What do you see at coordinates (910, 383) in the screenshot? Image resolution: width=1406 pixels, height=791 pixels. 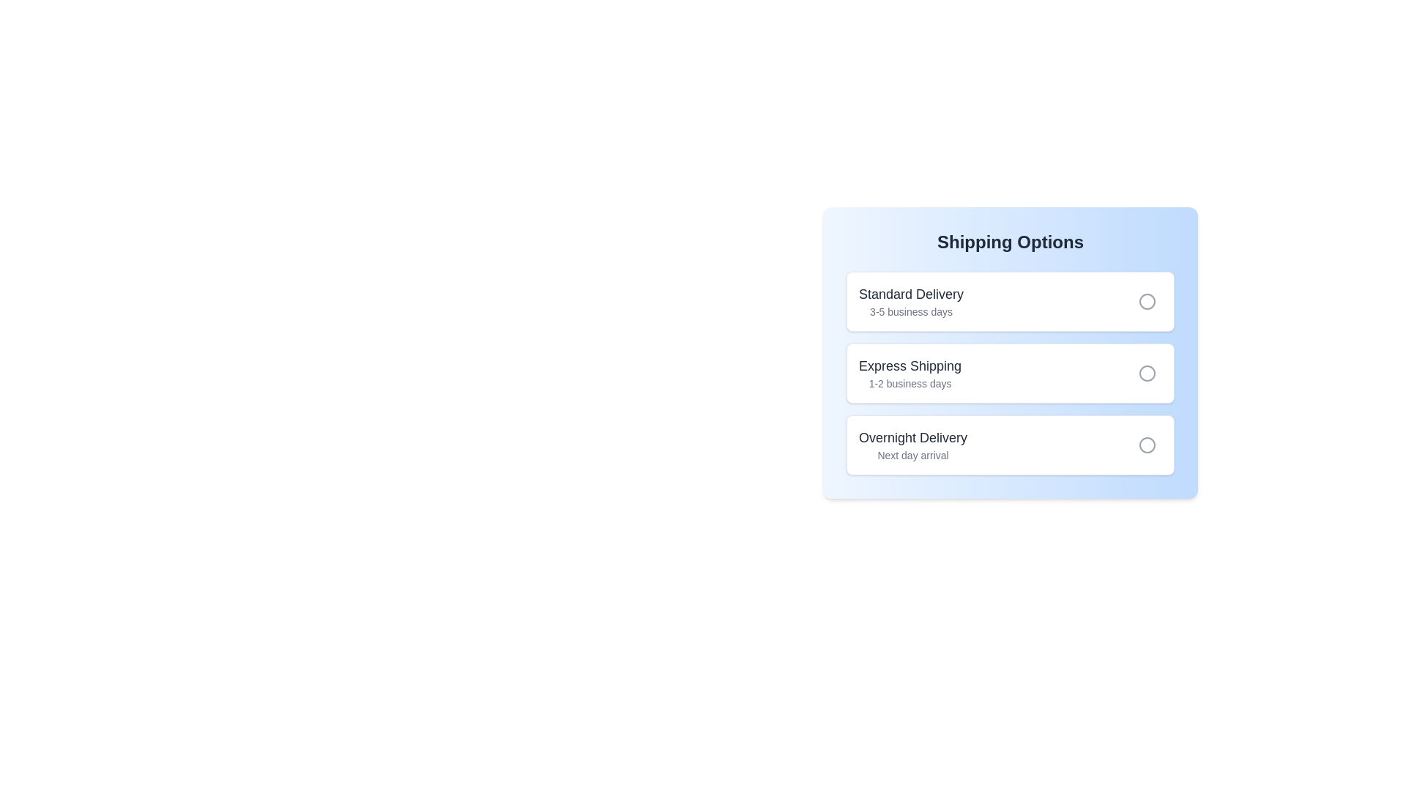 I see `the text displaying '1-2 business days' which is positioned beneath the 'Express Shipping' label in the second shipping option` at bounding box center [910, 383].